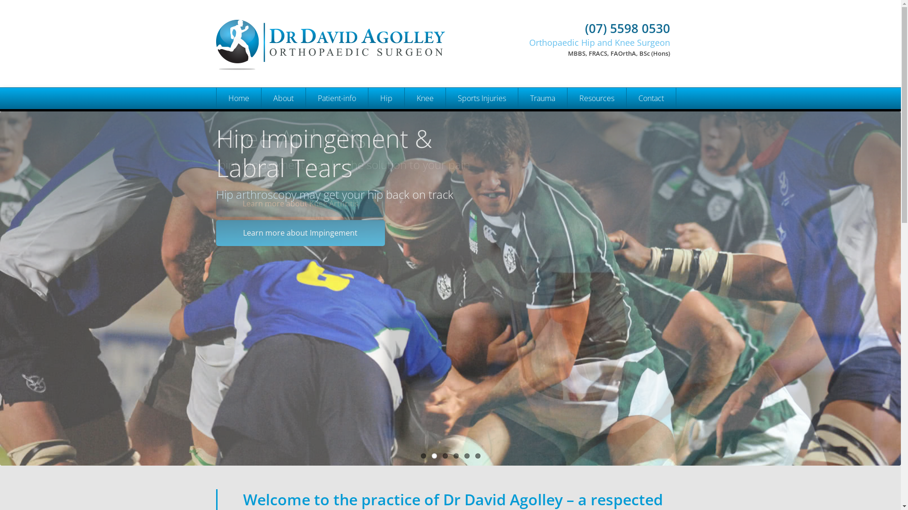 This screenshot has width=908, height=510. Describe the element at coordinates (367, 204) in the screenshot. I see `'Hip Dysplasia'` at that location.